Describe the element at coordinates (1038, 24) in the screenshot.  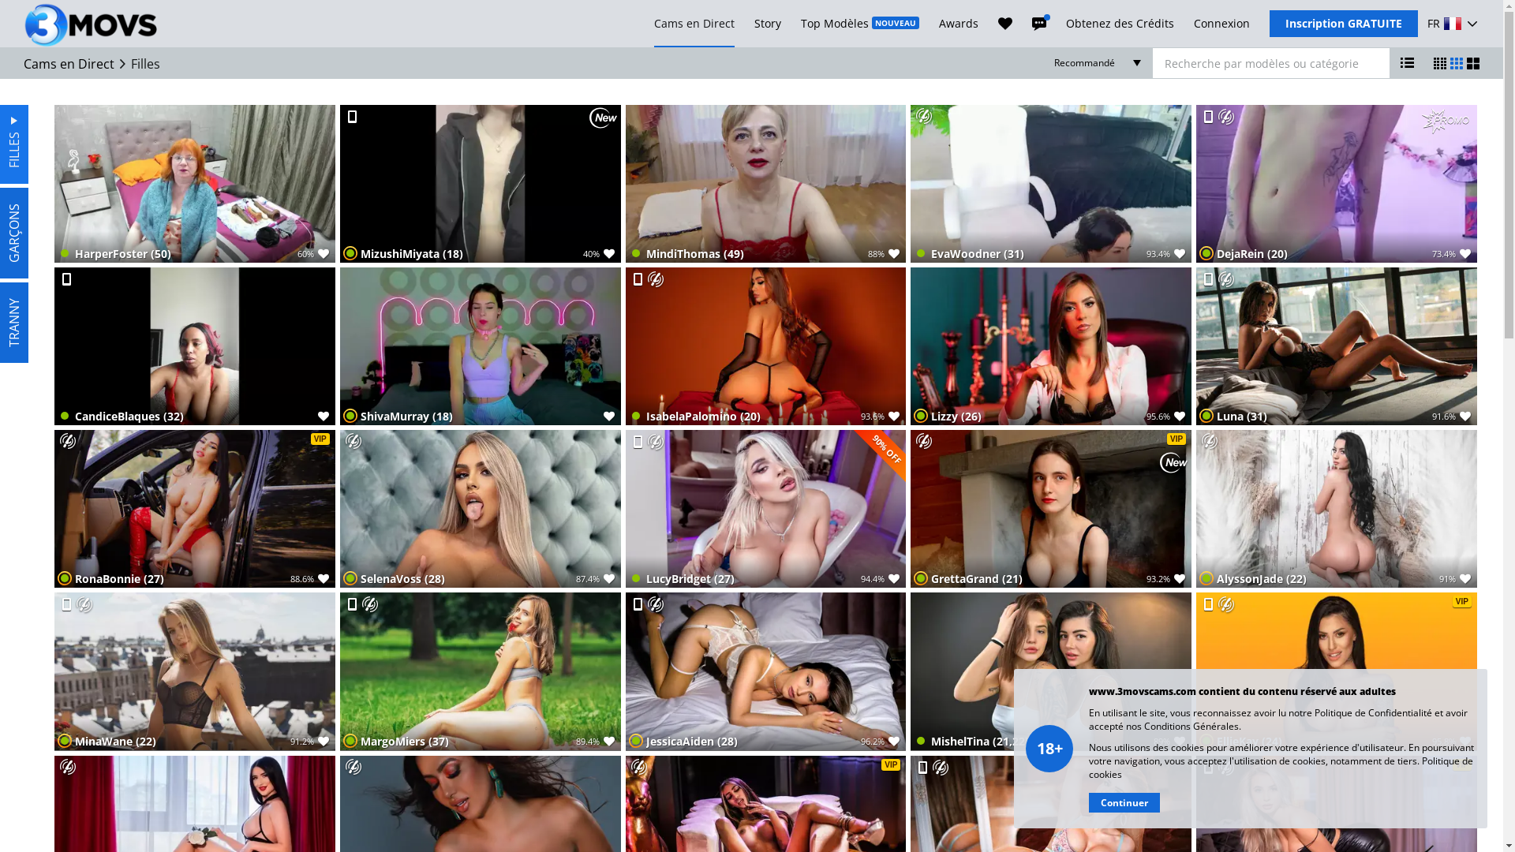
I see `'Messages'` at that location.